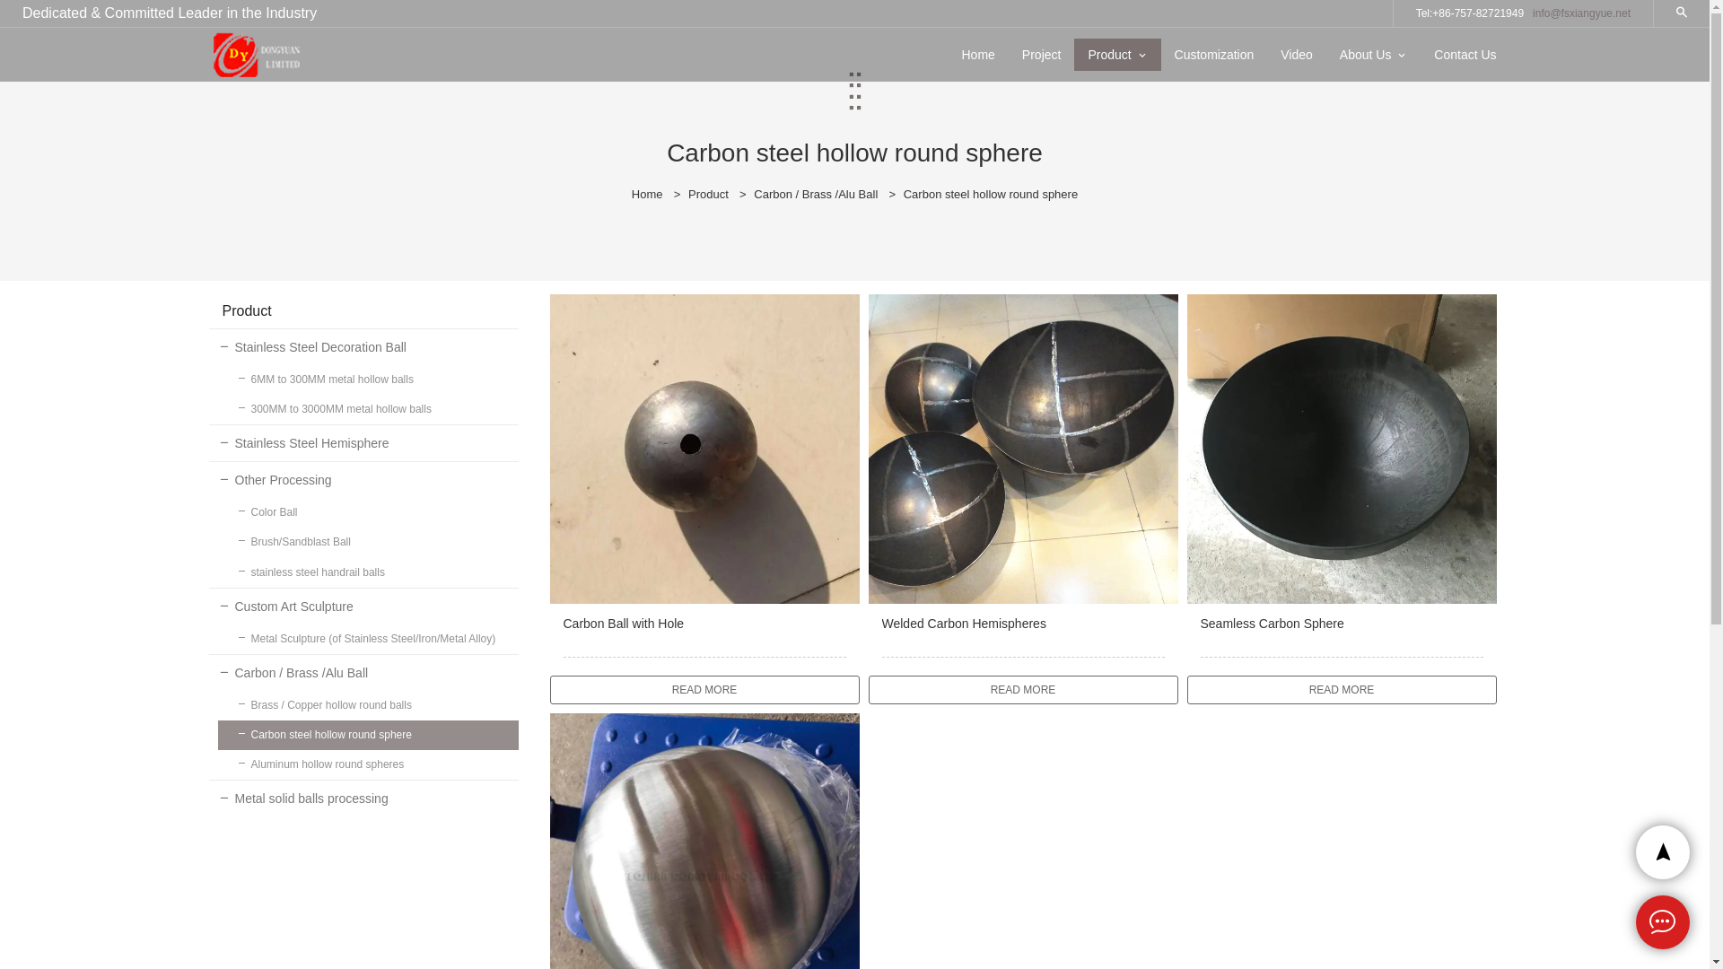  Describe the element at coordinates (362, 606) in the screenshot. I see `'Custom Art Sculpture'` at that location.